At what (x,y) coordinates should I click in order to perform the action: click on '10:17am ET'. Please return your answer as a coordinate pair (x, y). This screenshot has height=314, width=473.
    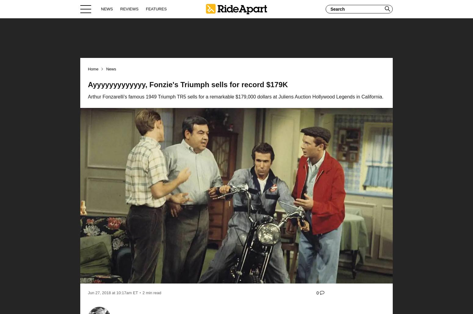
    Looking at the image, I should click on (126, 292).